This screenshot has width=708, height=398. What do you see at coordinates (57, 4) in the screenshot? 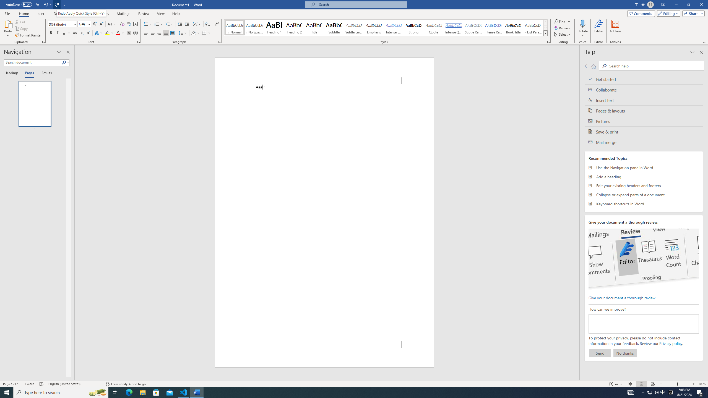
I see `'Redo Apply Quick Style'` at bounding box center [57, 4].